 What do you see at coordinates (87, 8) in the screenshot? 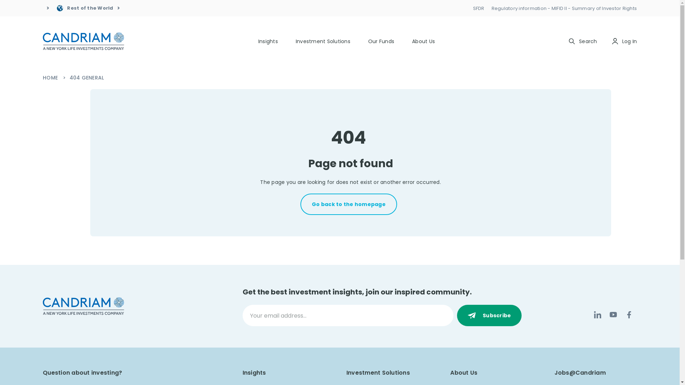
I see `'Rest of the World` at bounding box center [87, 8].